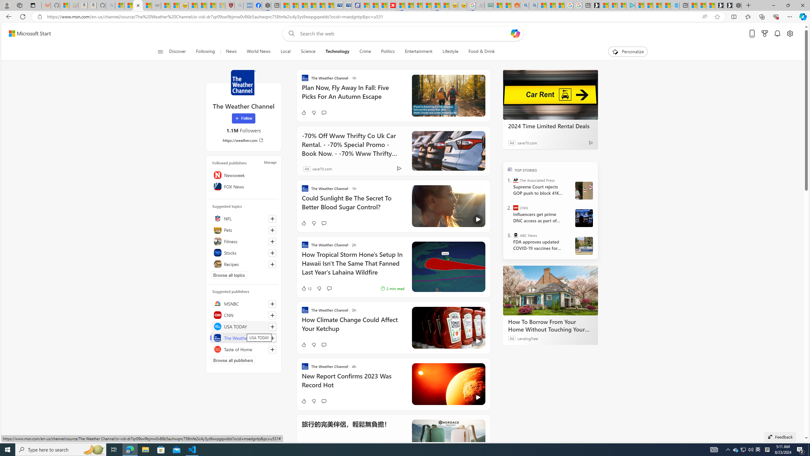 The width and height of the screenshot is (810, 456). What do you see at coordinates (220, 5) in the screenshot?
I see `'12 Popular Science Lies that Must be Corrected - Sleeping'` at bounding box center [220, 5].